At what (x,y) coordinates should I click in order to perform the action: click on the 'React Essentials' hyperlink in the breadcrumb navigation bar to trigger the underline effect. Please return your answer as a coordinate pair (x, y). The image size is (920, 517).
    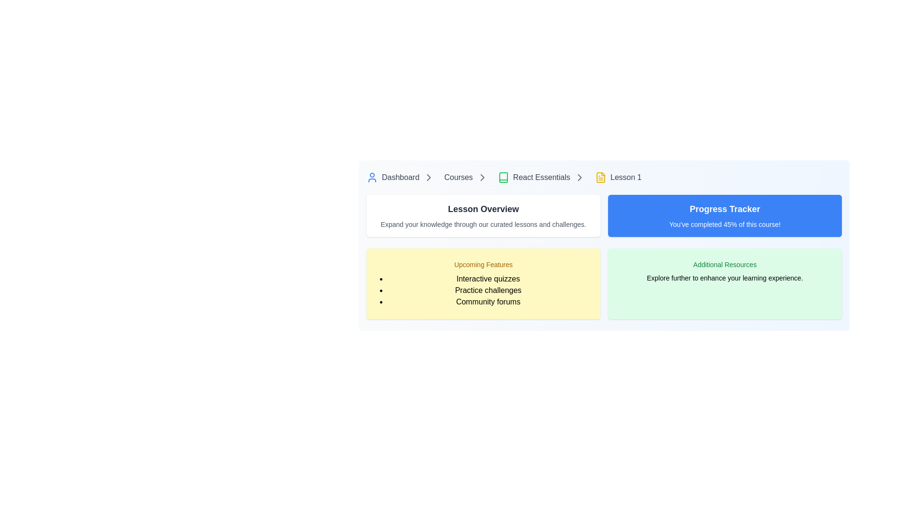
    Looking at the image, I should click on (533, 177).